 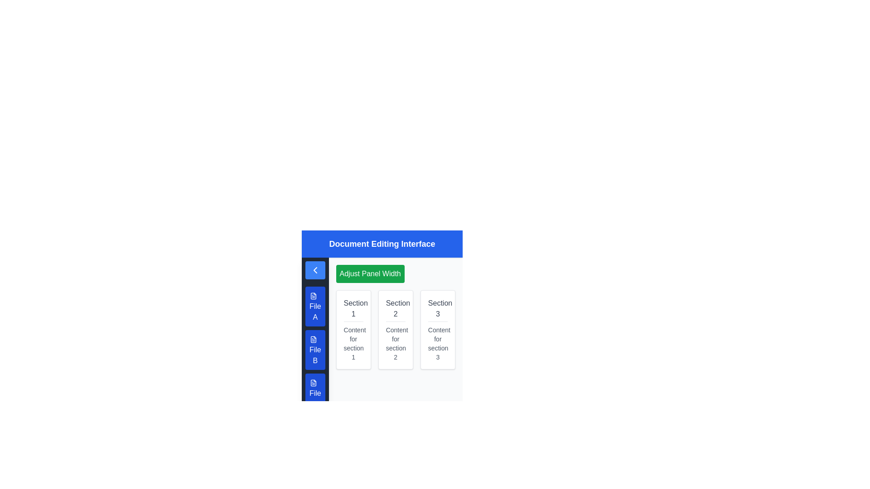 What do you see at coordinates (396, 309) in the screenshot?
I see `the 'Section 2' text label, which is styled in gray and` at bounding box center [396, 309].